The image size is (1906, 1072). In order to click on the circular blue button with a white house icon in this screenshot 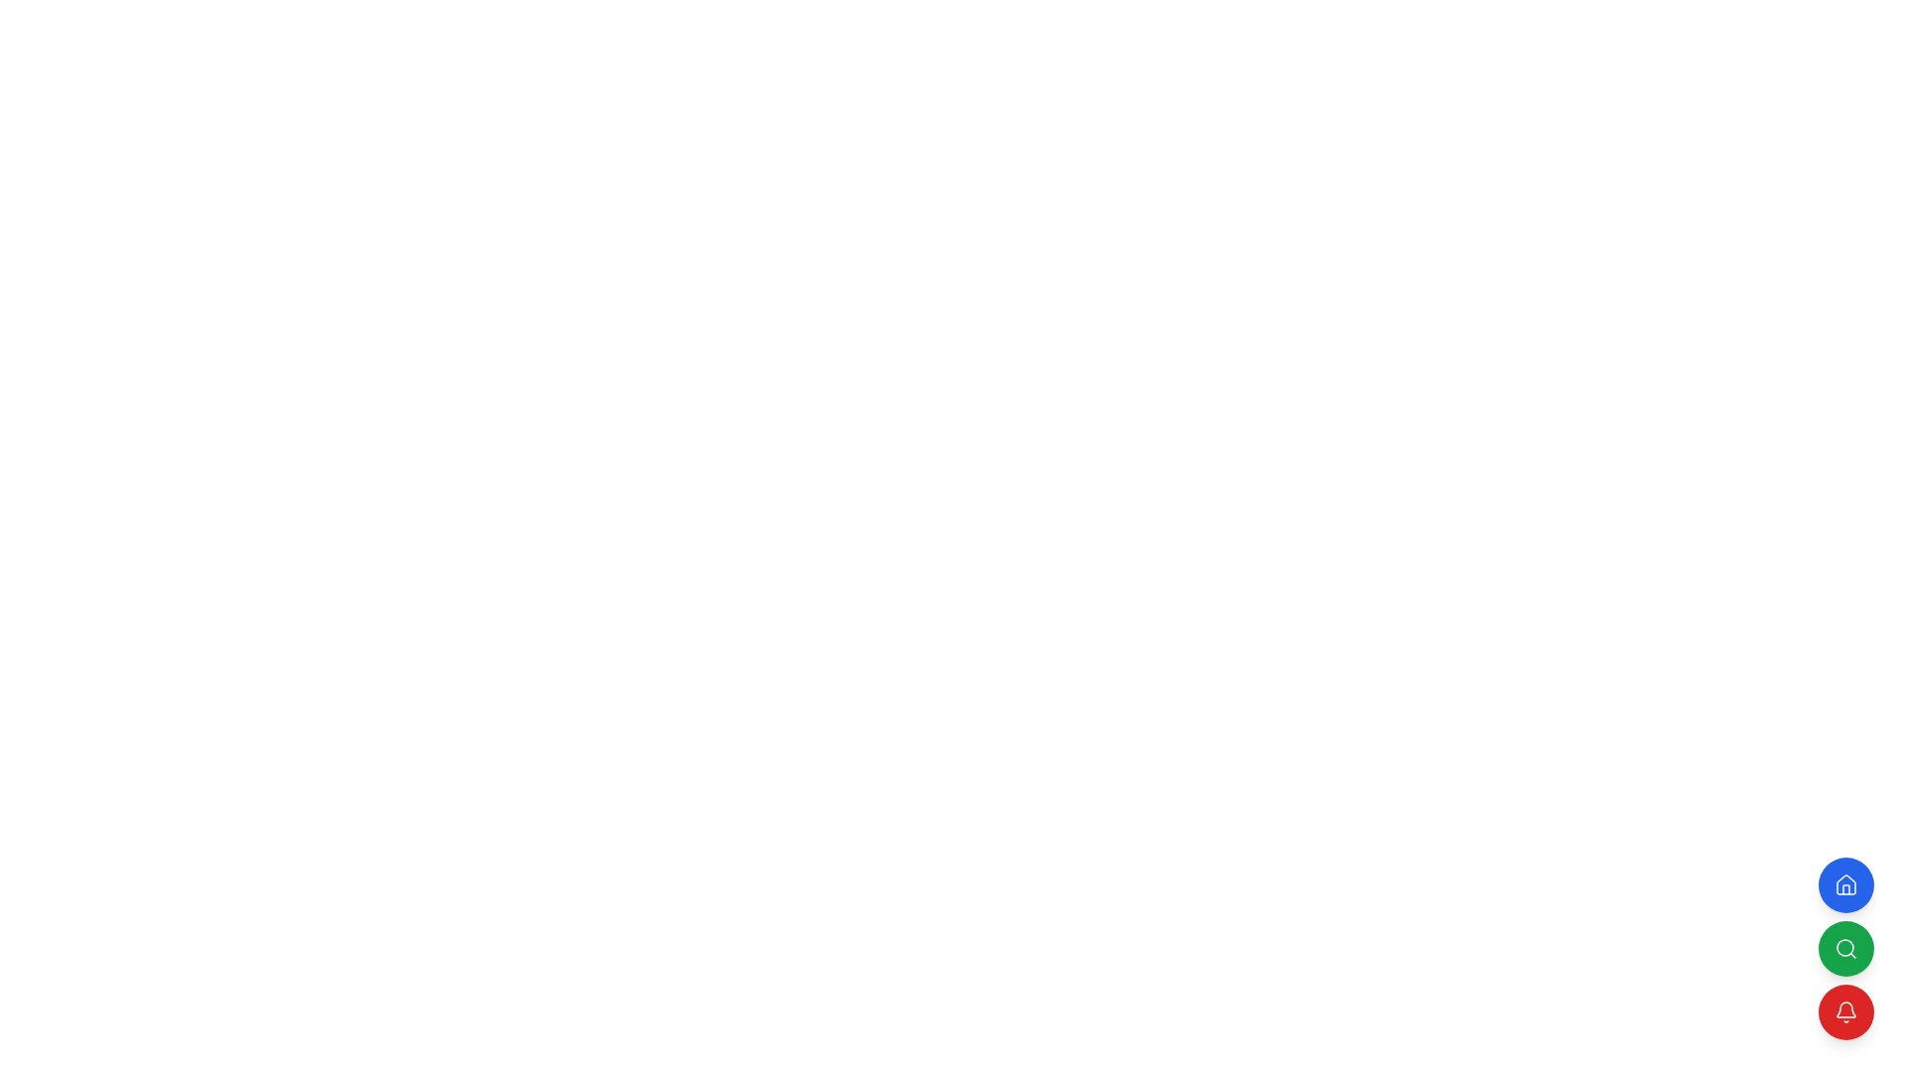, I will do `click(1845, 883)`.